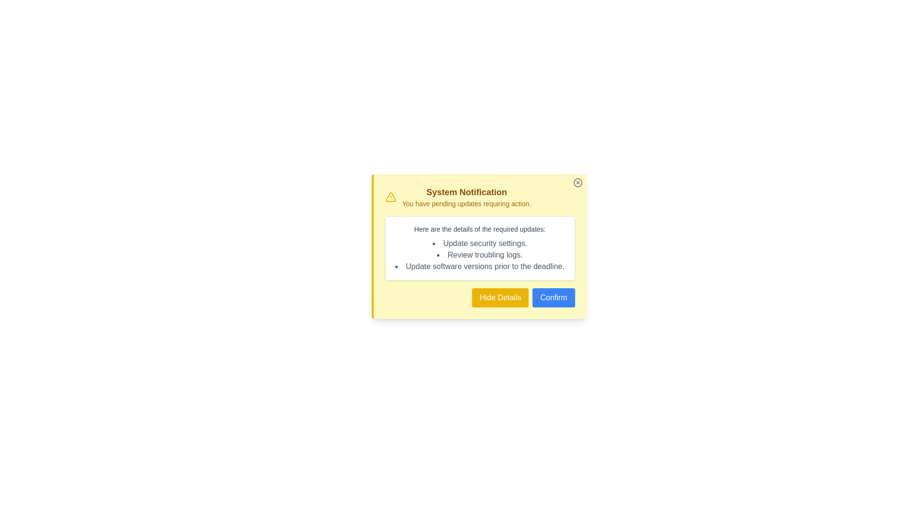 This screenshot has height=518, width=921. Describe the element at coordinates (577, 183) in the screenshot. I see `the close button of the alert to dismiss it` at that location.